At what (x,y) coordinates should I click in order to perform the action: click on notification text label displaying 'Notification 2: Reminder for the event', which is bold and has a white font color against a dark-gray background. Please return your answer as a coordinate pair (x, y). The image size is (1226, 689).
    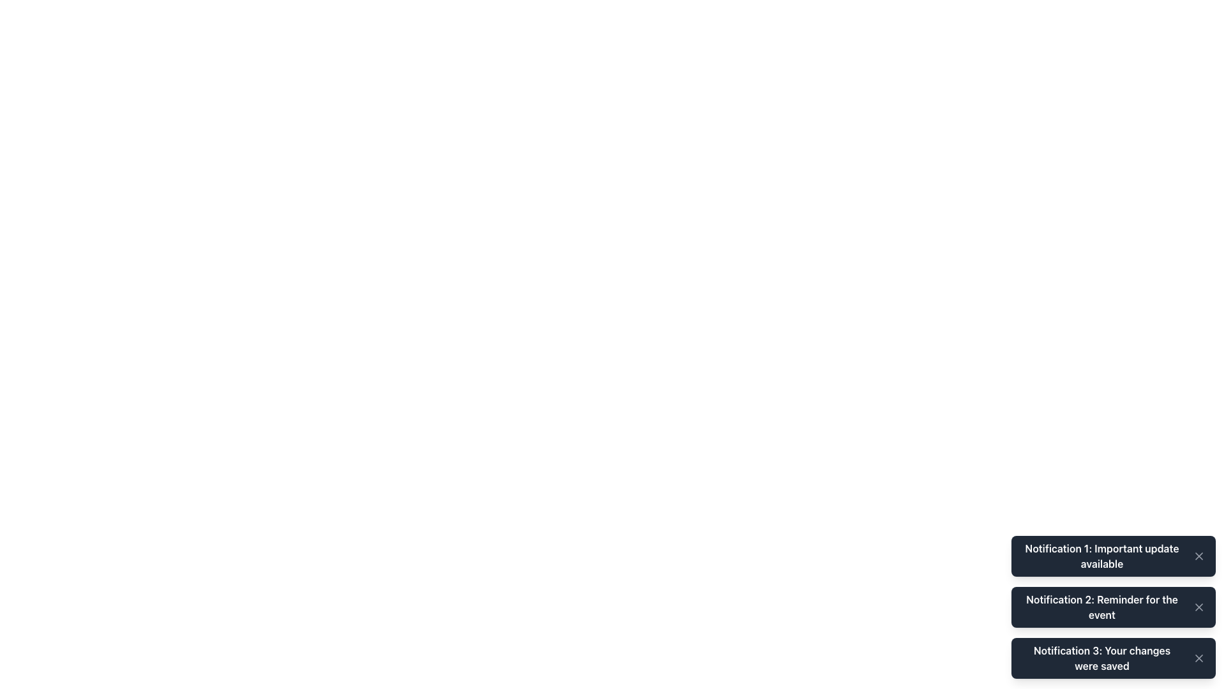
    Looking at the image, I should click on (1101, 607).